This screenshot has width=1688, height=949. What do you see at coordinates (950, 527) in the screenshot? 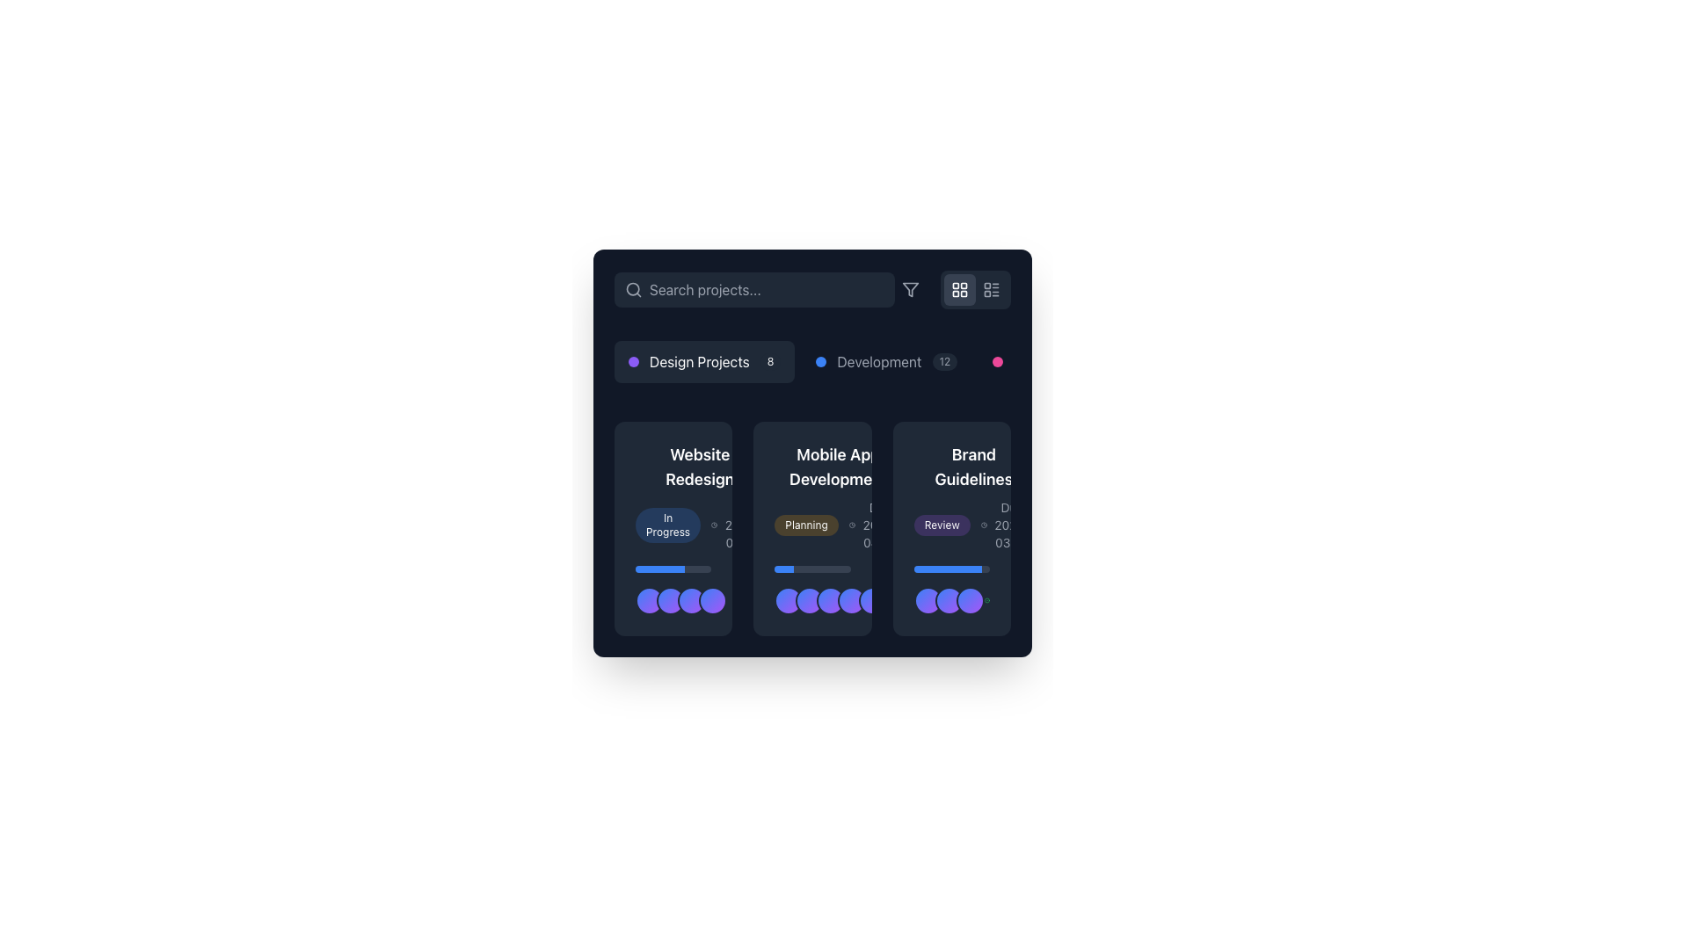
I see `to select the 'Brand Guidelines' project card, which is the third card from the left in a grid layout, displaying project details such as status and due date` at bounding box center [950, 527].